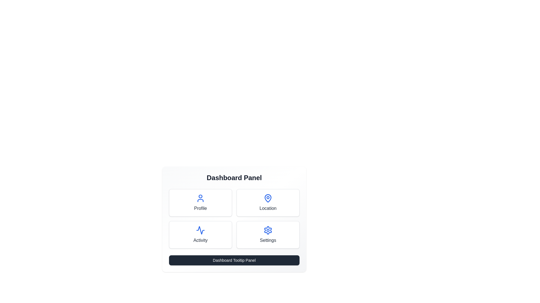 Image resolution: width=540 pixels, height=303 pixels. What do you see at coordinates (201, 230) in the screenshot?
I see `the decorative 'Activity' icon located at the top of the 'Activity' card in the lower-left section of the dashboard's 2x2 grid layout` at bounding box center [201, 230].